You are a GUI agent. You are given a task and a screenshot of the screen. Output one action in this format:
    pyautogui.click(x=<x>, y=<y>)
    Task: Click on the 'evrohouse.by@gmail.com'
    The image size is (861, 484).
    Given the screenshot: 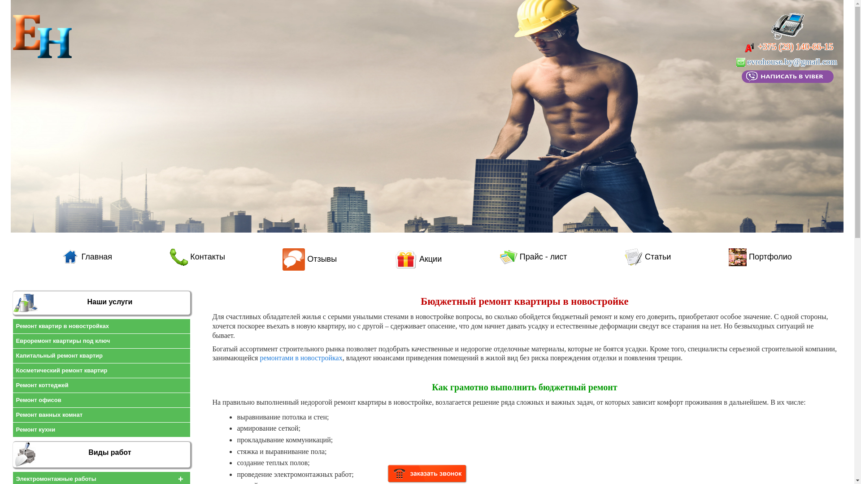 What is the action you would take?
    pyautogui.click(x=787, y=61)
    